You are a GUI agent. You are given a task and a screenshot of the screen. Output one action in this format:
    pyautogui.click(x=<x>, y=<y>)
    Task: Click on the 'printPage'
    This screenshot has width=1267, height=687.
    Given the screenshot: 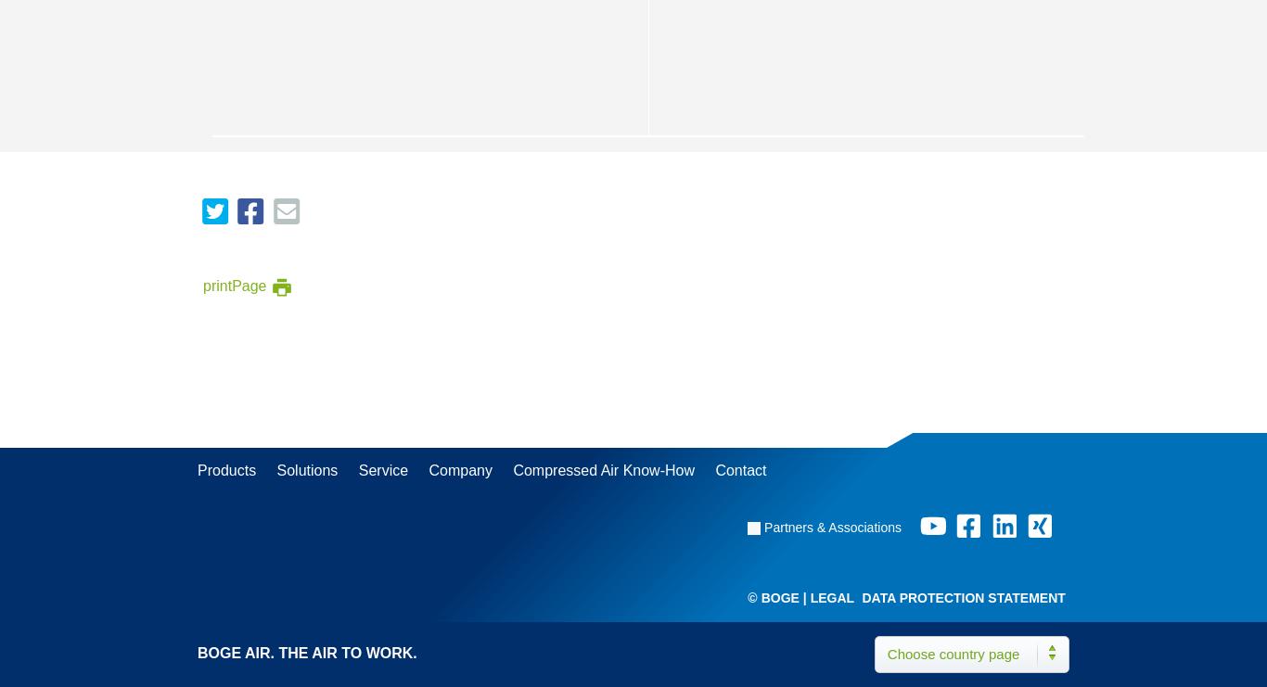 What is the action you would take?
    pyautogui.click(x=234, y=285)
    